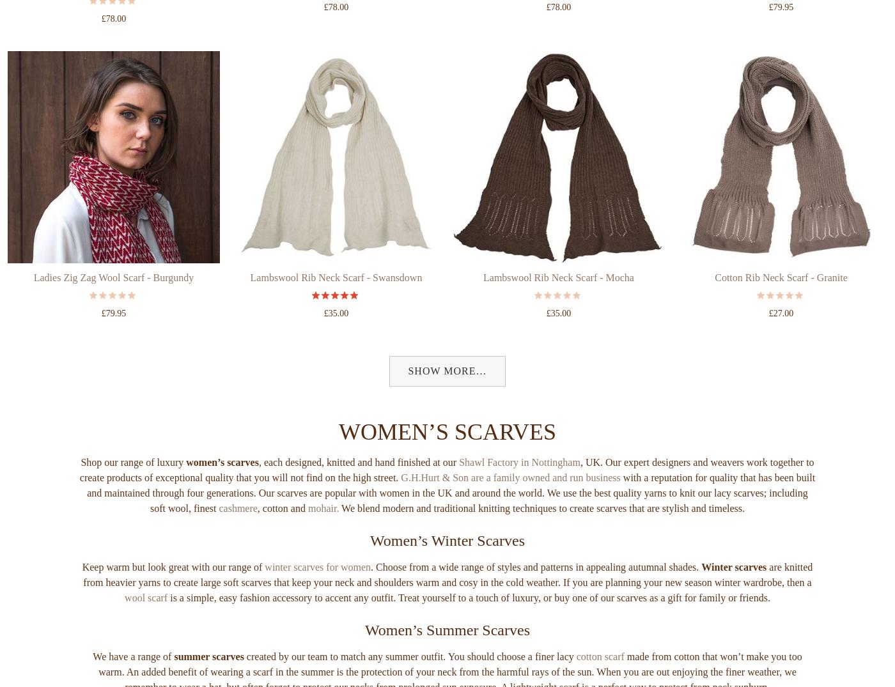 Image resolution: width=895 pixels, height=687 pixels. Describe the element at coordinates (83, 622) in the screenshot. I see `'are knitted from heavier yarns to create large soft scarves that keep your neck and shoulders warm and cosy in the cold weather. If you are planning your new season winter wardrobe, then a'` at that location.